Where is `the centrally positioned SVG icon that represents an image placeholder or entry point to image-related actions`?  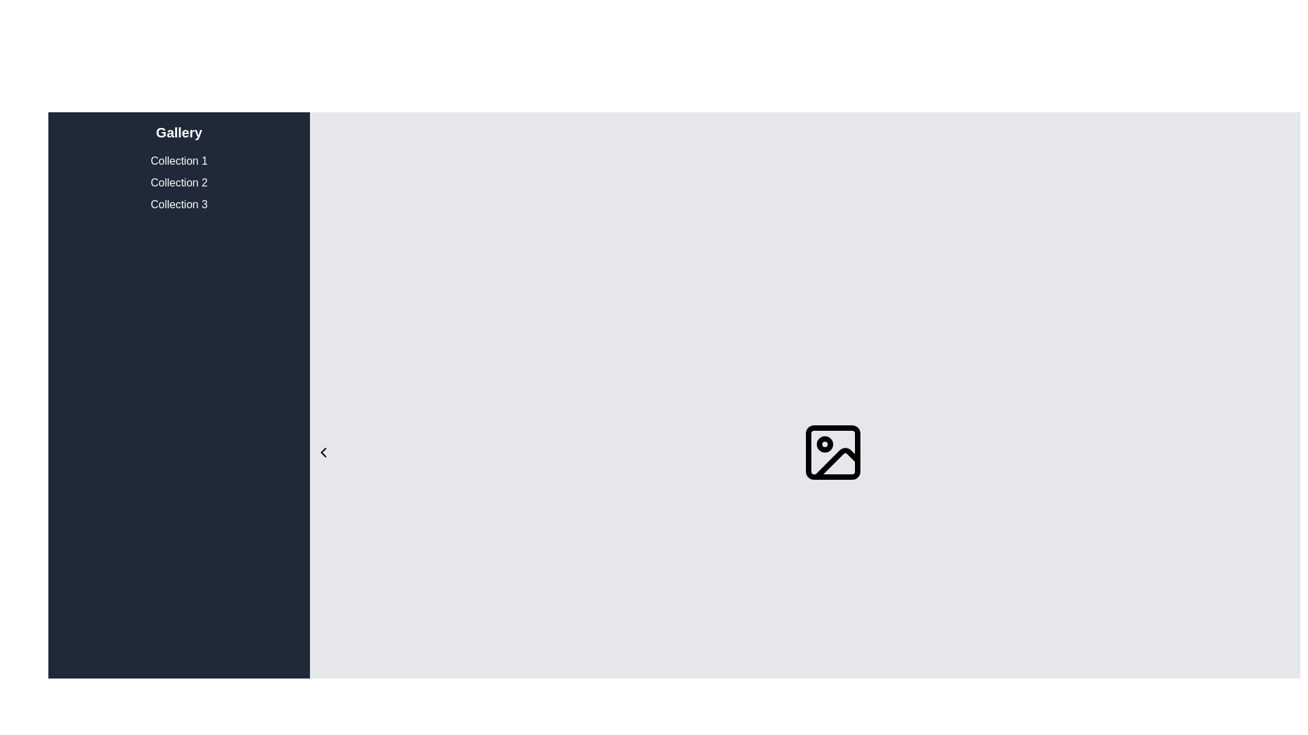
the centrally positioned SVG icon that represents an image placeholder or entry point to image-related actions is located at coordinates (832, 452).